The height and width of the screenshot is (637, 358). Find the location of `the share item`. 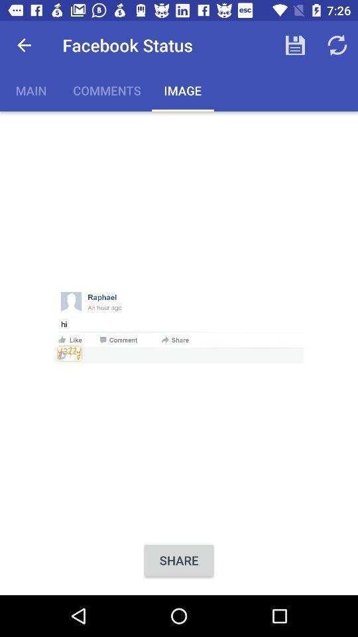

the share item is located at coordinates (179, 559).